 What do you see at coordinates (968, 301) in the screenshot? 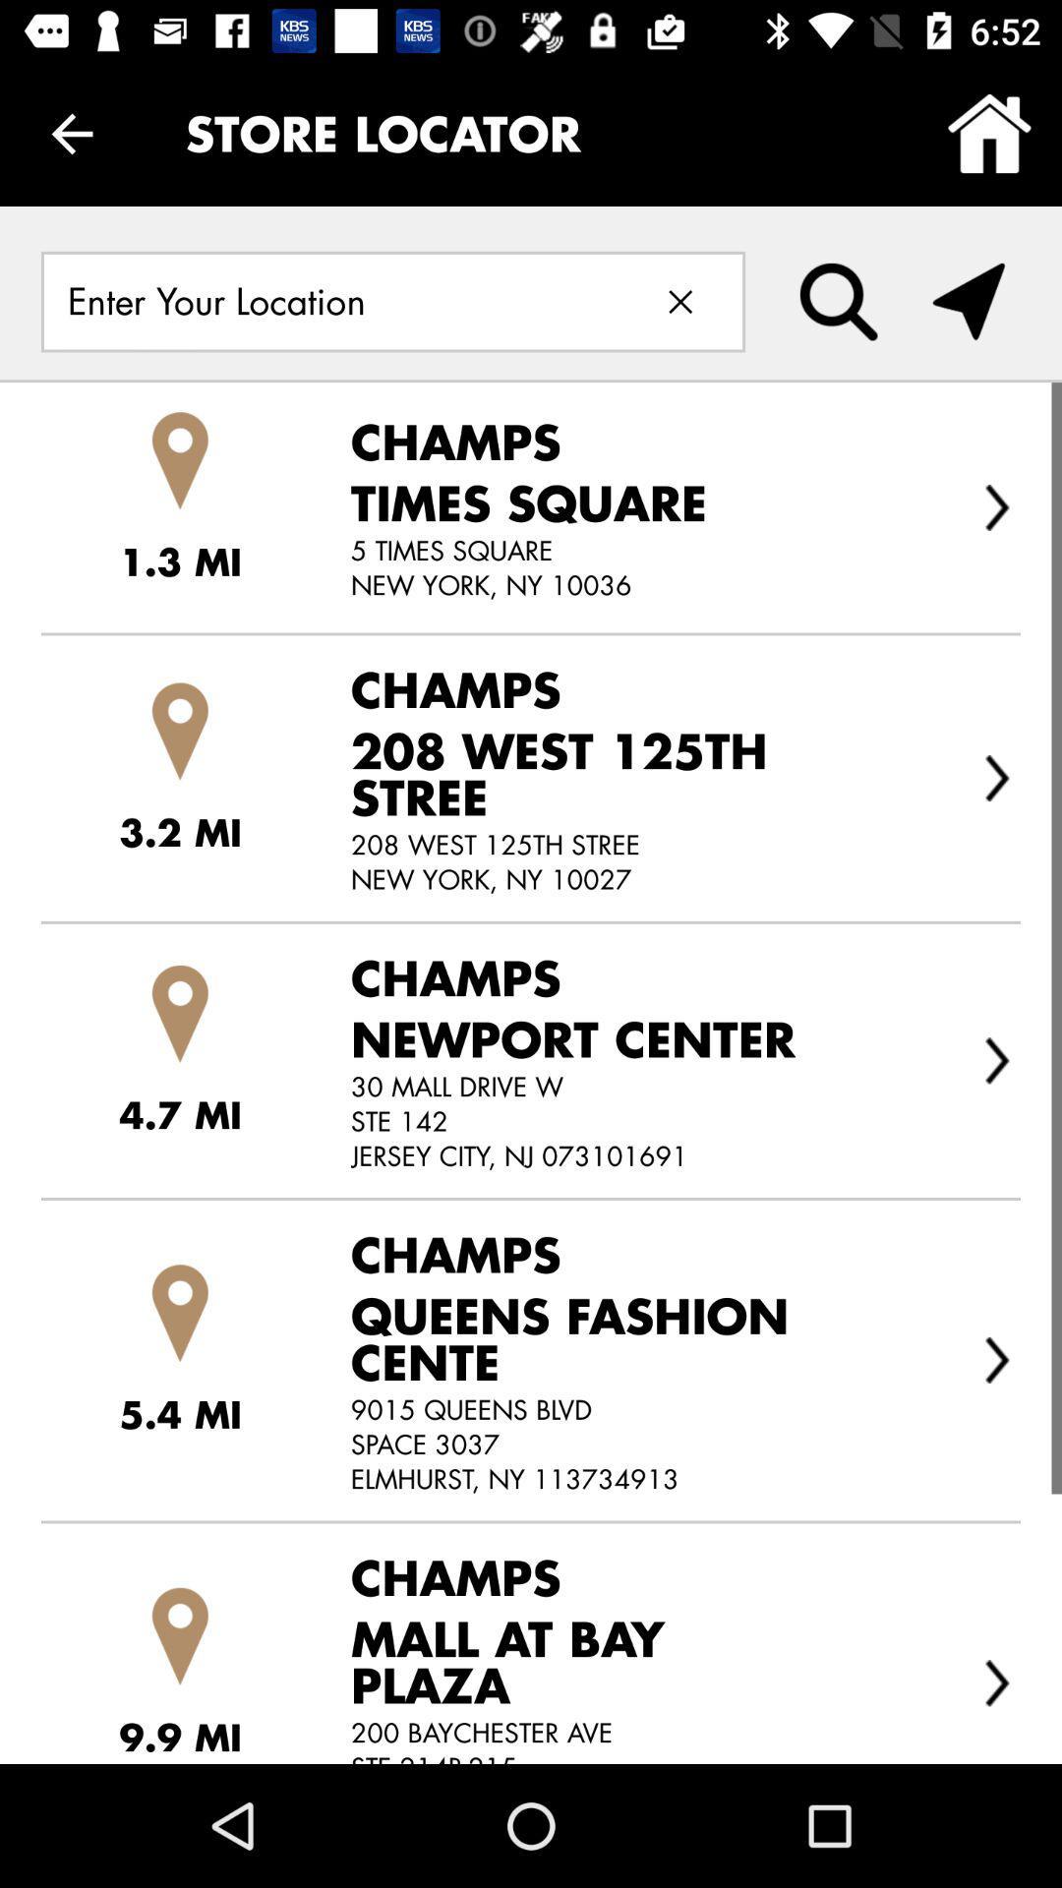
I see `map` at bounding box center [968, 301].